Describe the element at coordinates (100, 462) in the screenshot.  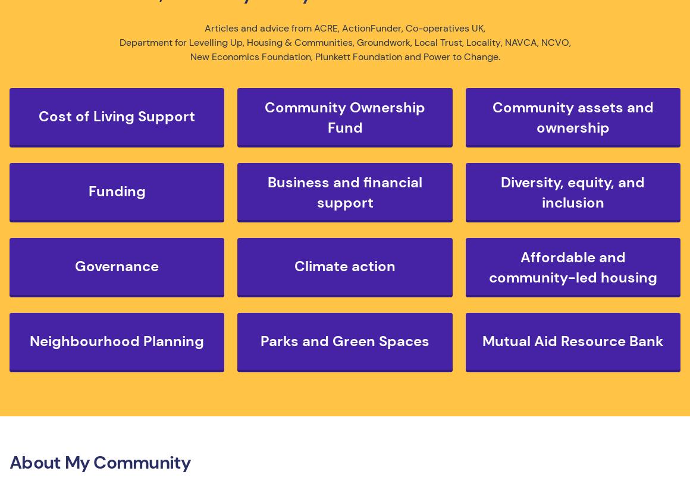
I see `'About My Community'` at that location.